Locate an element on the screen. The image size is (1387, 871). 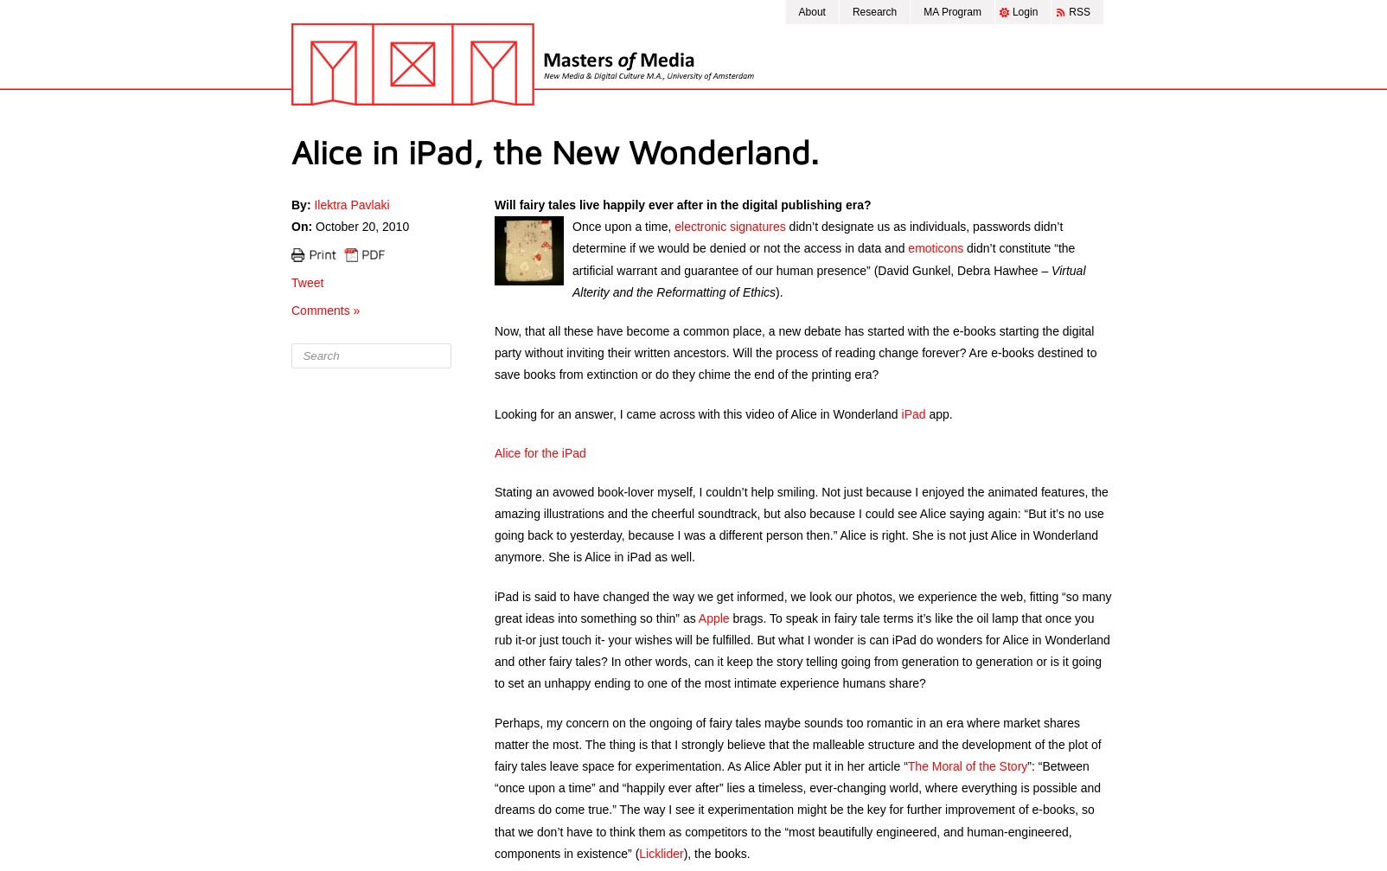
'By:' is located at coordinates (301, 205).